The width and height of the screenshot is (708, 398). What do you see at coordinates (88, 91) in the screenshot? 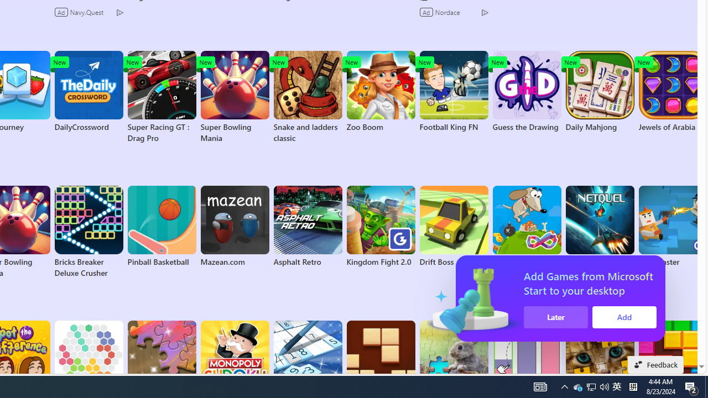
I see `'DailyCrossword'` at bounding box center [88, 91].